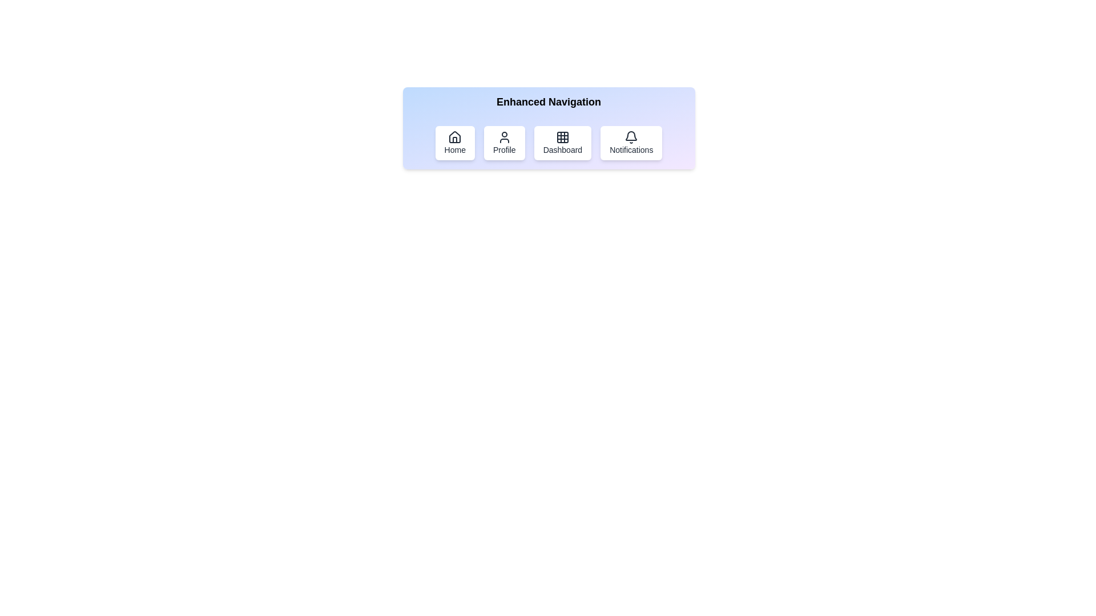 Image resolution: width=1096 pixels, height=616 pixels. Describe the element at coordinates (631, 149) in the screenshot. I see `the 'Notifications' text label located in the navigation bar, directly below the bell icon` at that location.